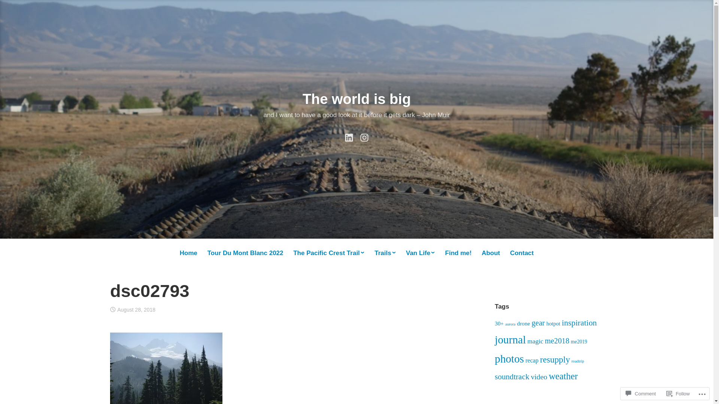  Describe the element at coordinates (188, 253) in the screenshot. I see `'Home'` at that location.